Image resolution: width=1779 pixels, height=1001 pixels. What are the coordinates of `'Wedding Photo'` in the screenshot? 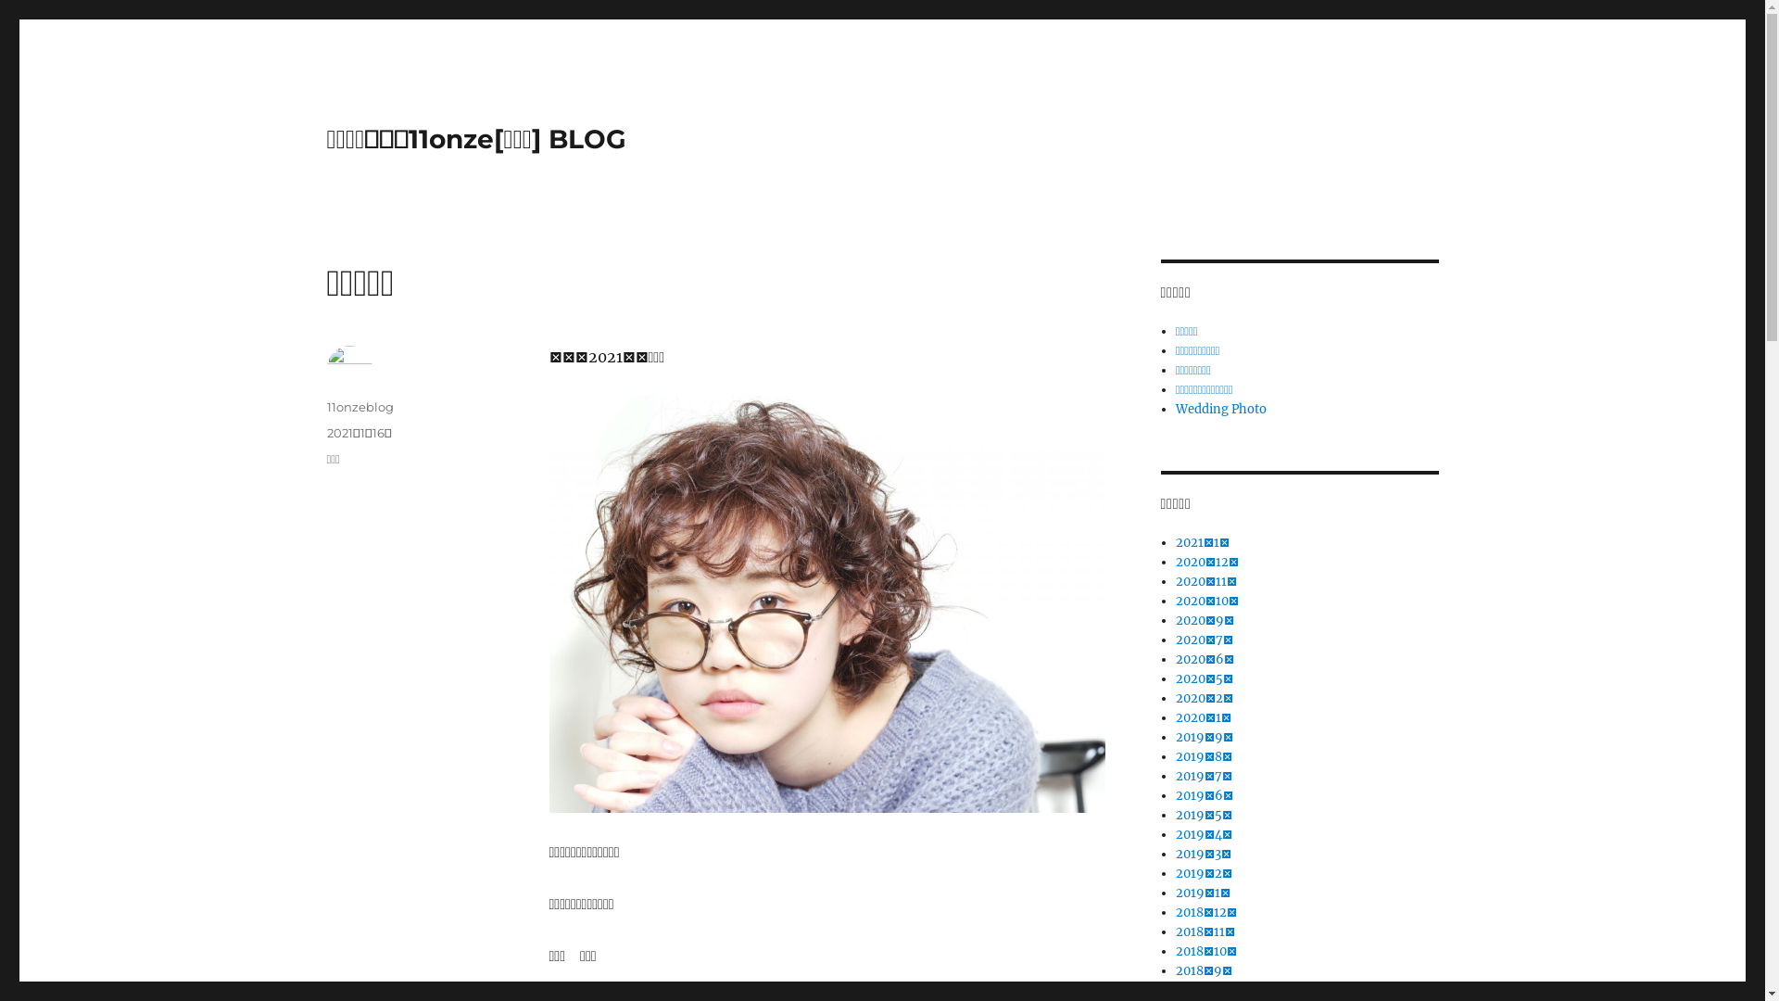 It's located at (1221, 408).